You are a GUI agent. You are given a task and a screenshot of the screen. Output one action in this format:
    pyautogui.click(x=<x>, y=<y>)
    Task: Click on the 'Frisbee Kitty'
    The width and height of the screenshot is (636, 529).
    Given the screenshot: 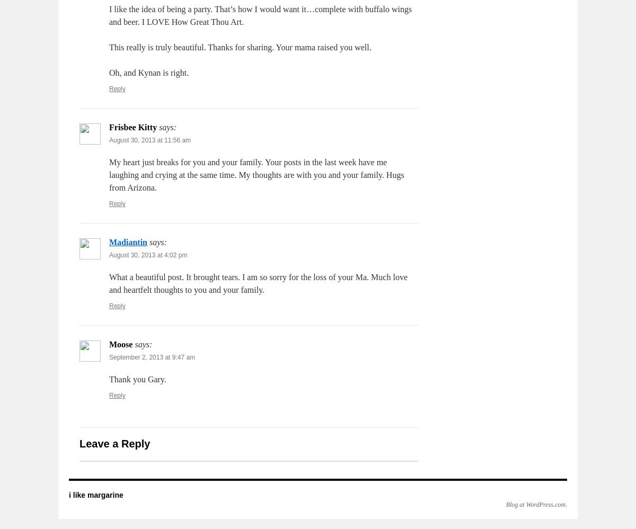 What is the action you would take?
    pyautogui.click(x=132, y=127)
    